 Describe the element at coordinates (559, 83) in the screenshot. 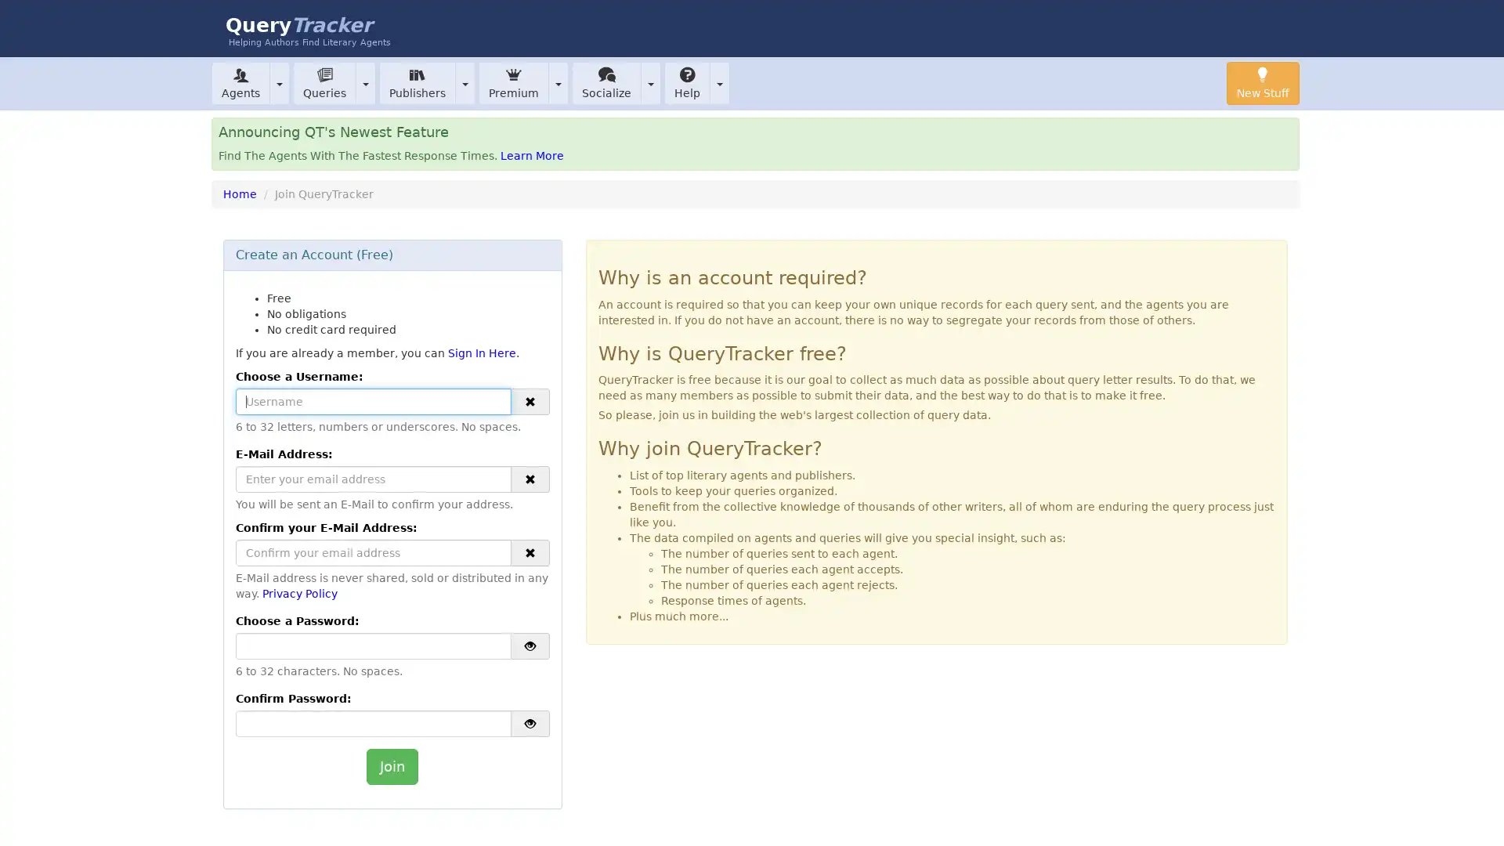

I see `Toggle Dropdown` at that location.